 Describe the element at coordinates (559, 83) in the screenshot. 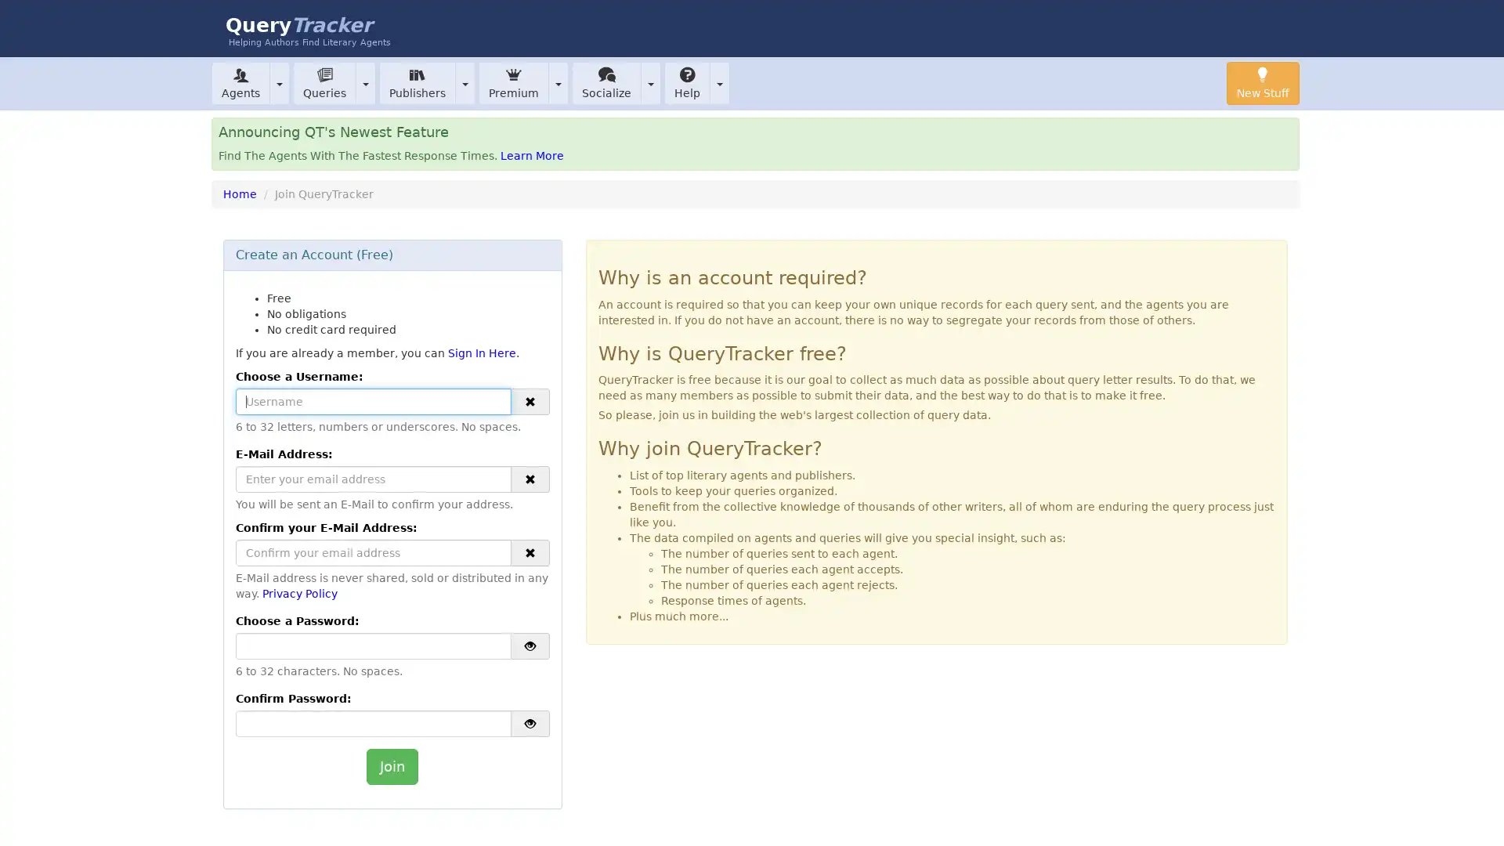

I see `Toggle Dropdown` at that location.